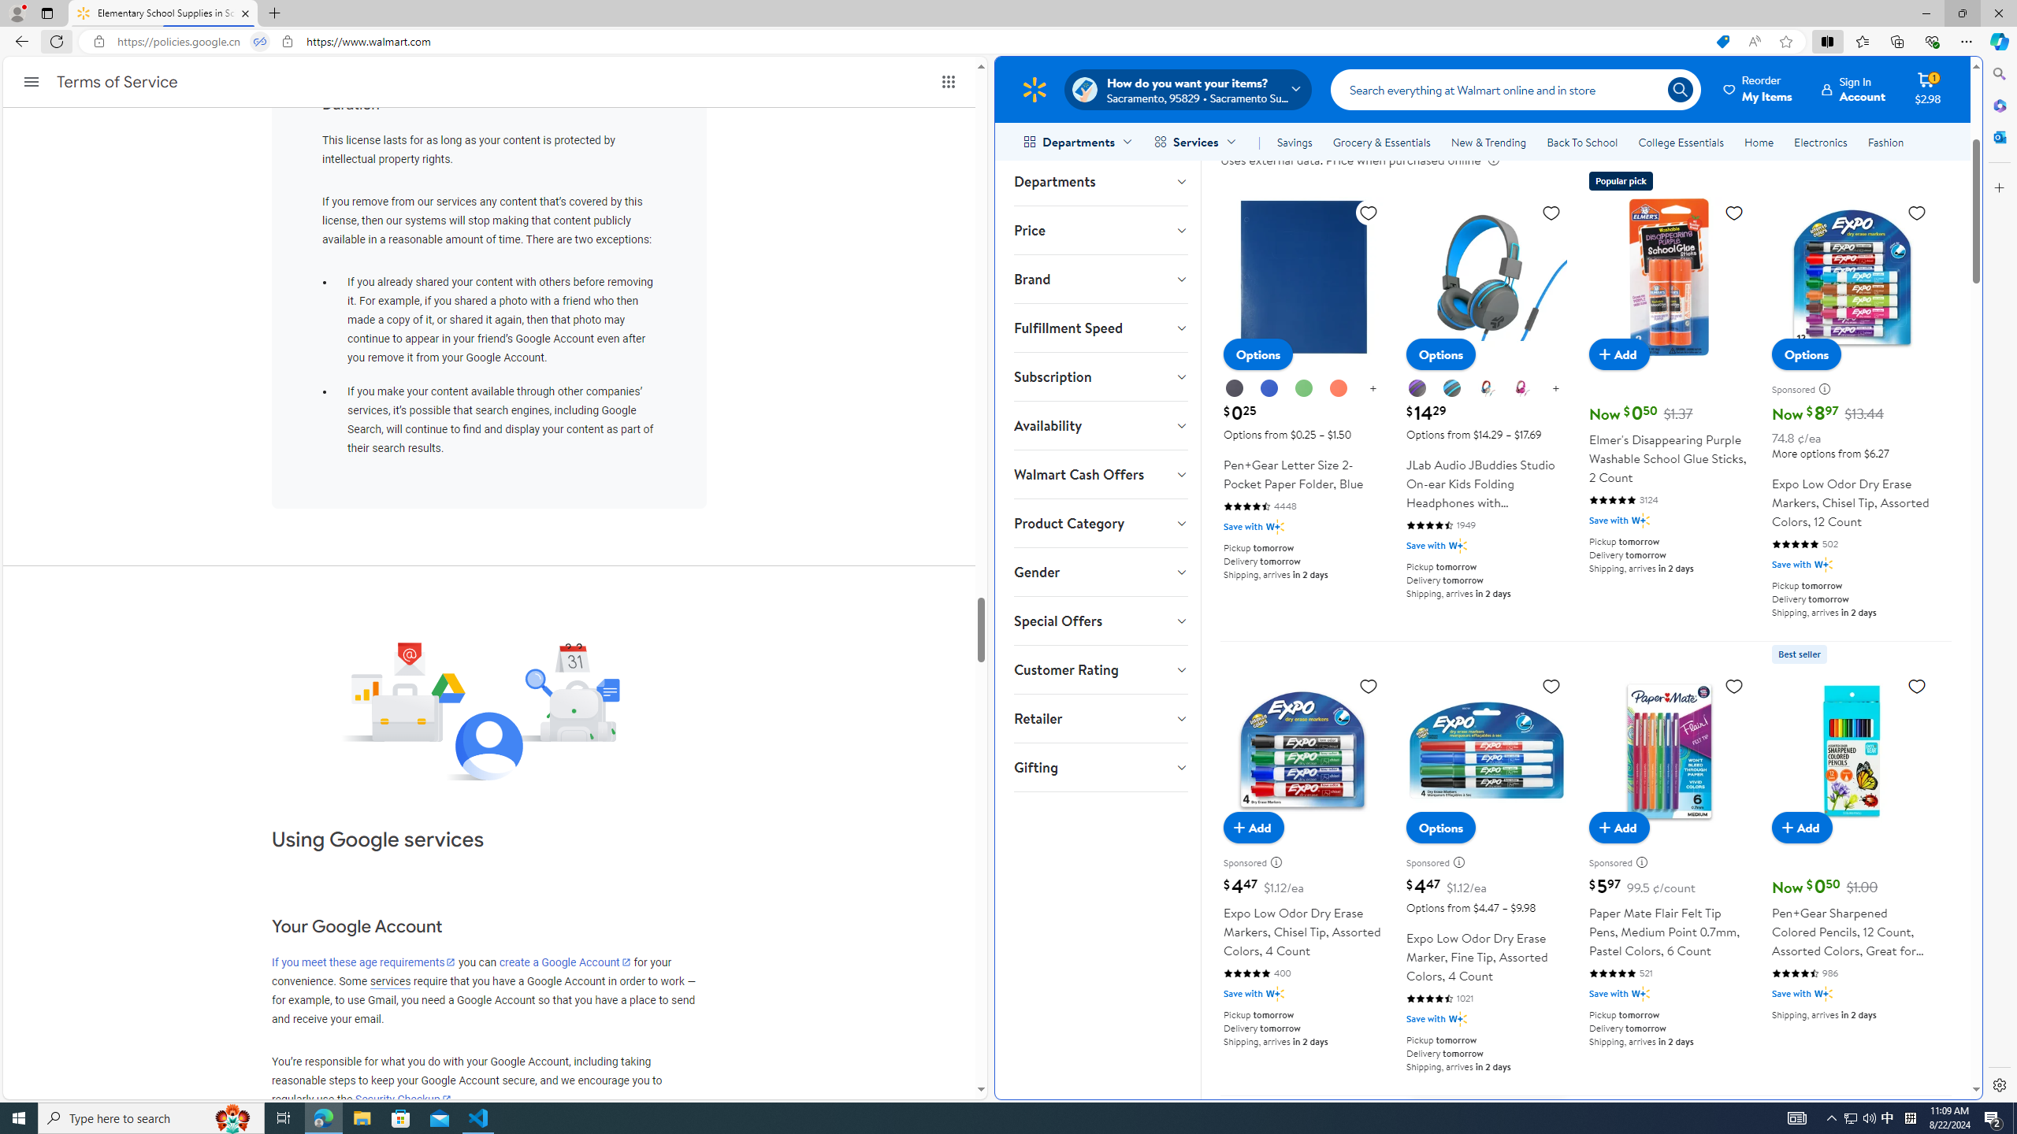 Image resolution: width=2017 pixels, height=1134 pixels. Describe the element at coordinates (260, 42) in the screenshot. I see `'Tabs in split screen'` at that location.